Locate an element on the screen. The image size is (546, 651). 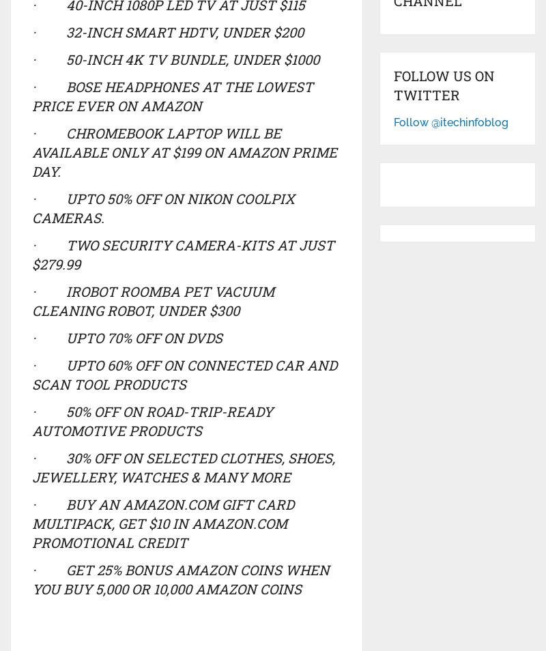
'Follow @itechinfoblog' is located at coordinates (450, 121).